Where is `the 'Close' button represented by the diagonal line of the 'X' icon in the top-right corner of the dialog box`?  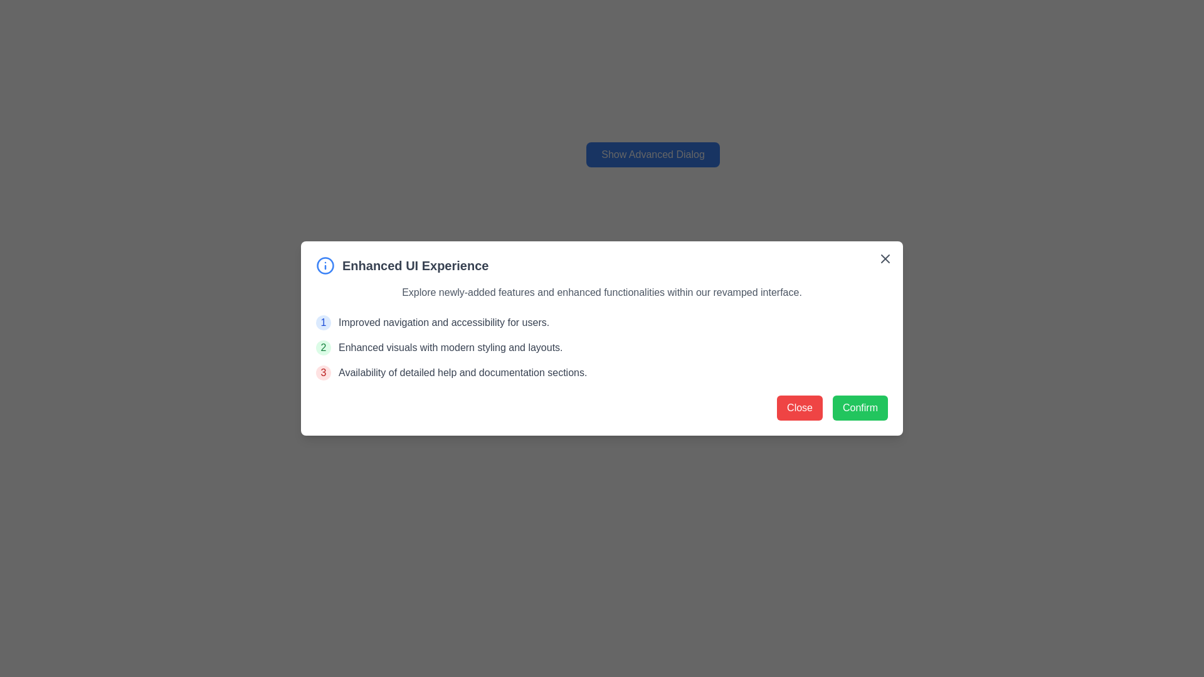
the 'Close' button represented by the diagonal line of the 'X' icon in the top-right corner of the dialog box is located at coordinates (884, 258).